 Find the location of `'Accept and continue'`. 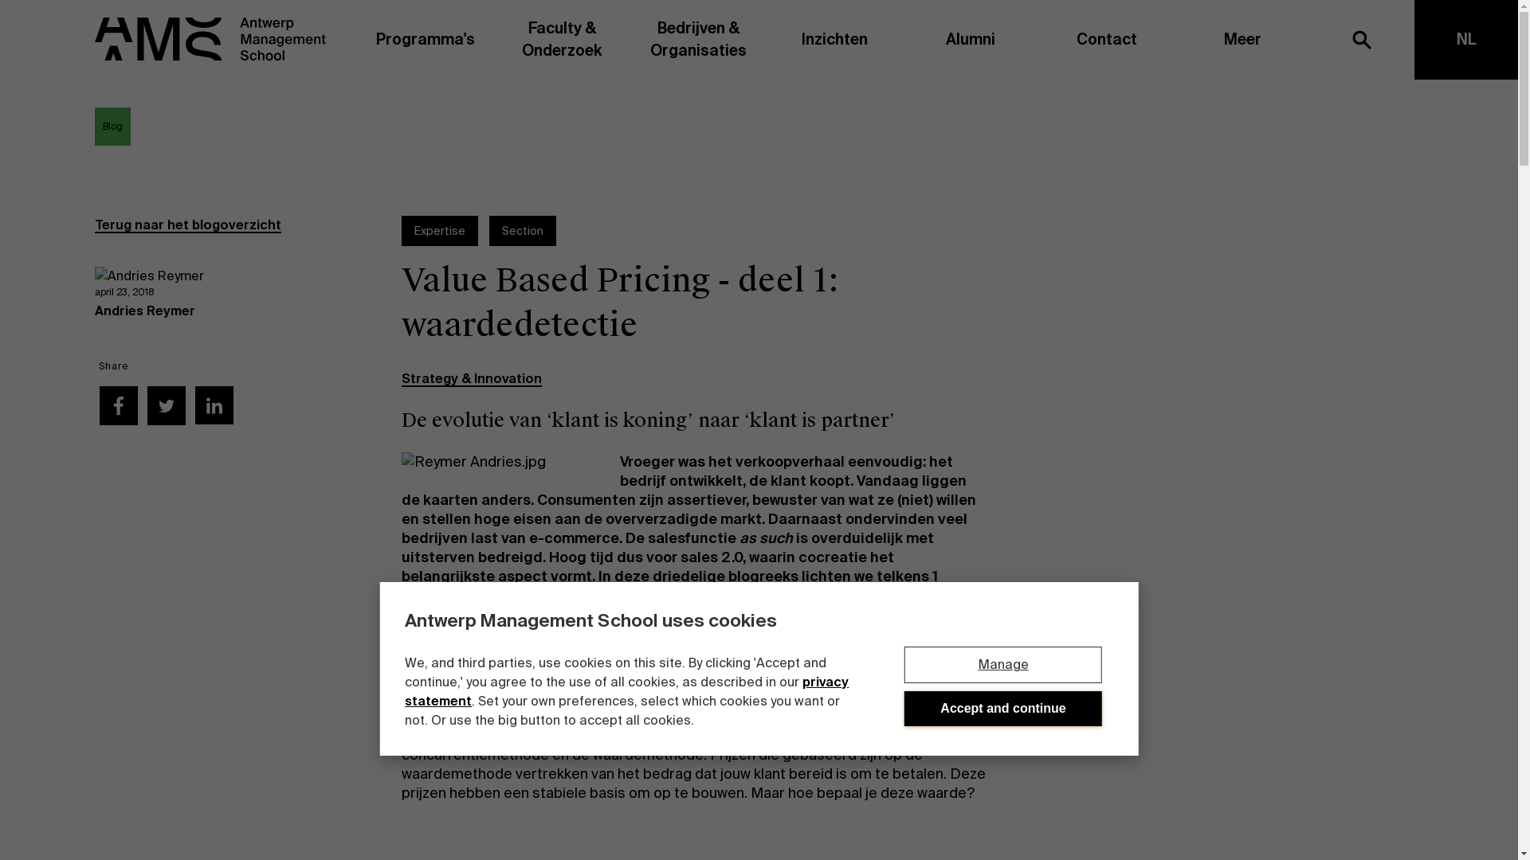

'Accept and continue' is located at coordinates (1002, 708).